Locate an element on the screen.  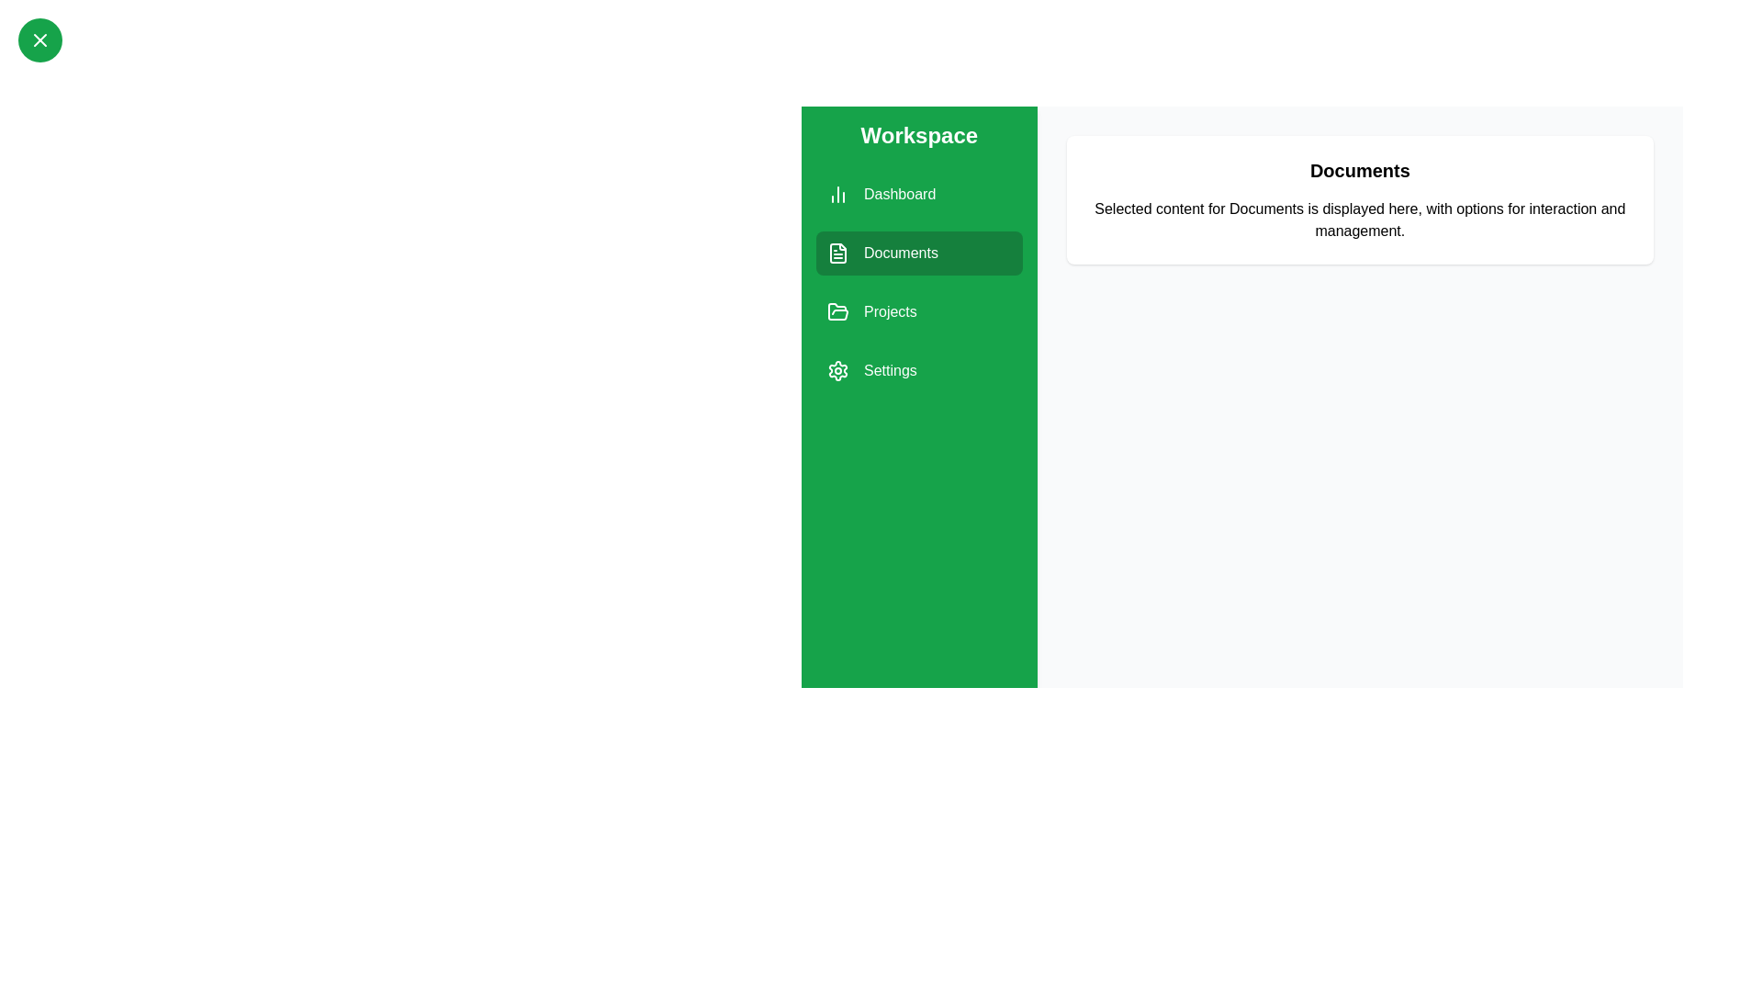
toggle button at the top-left corner of the screen to toggle the sidebar visibility is located at coordinates (39, 39).